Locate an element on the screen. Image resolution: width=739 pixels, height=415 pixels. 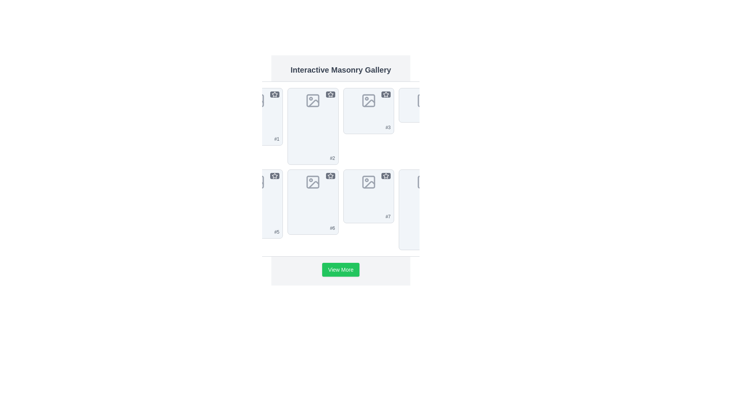
the star icon located in the top-left corner of the sixth card in the masonry-style grid to mark or favorite the item is located at coordinates (330, 175).